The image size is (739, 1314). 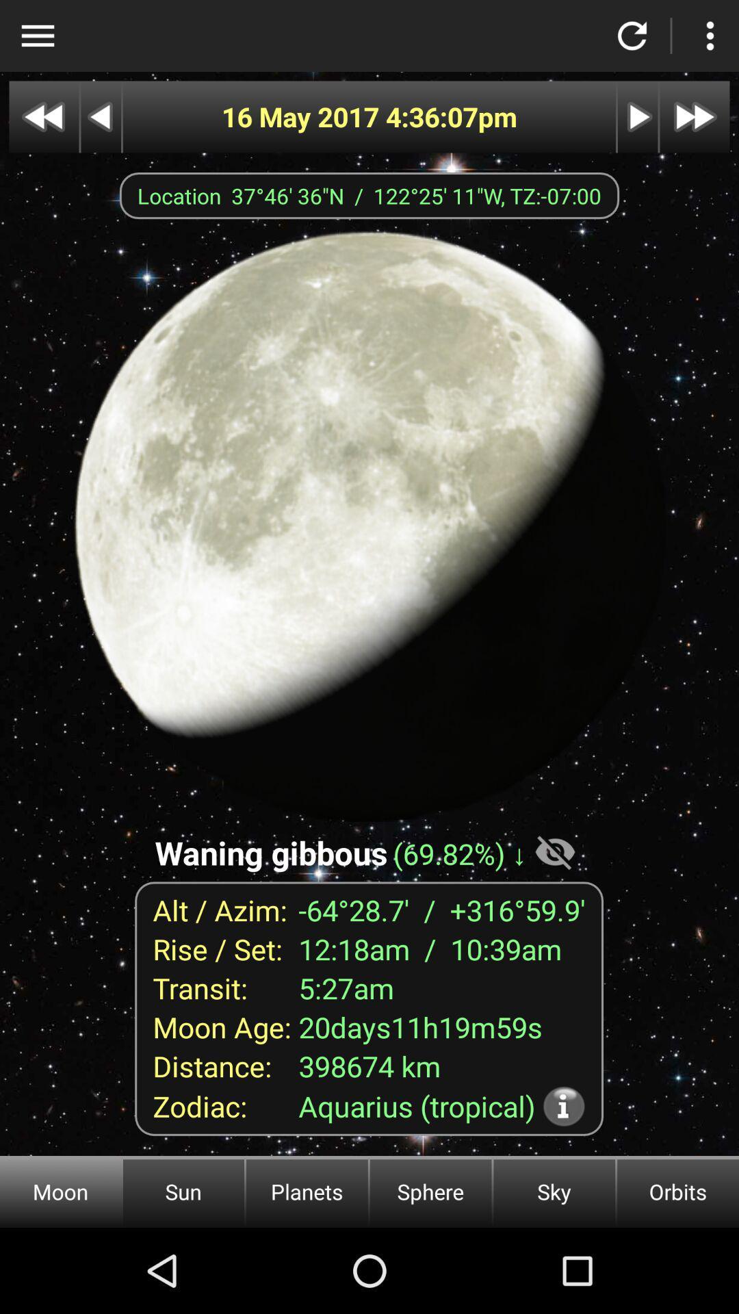 I want to click on toggles a fast forward option, so click(x=695, y=117).